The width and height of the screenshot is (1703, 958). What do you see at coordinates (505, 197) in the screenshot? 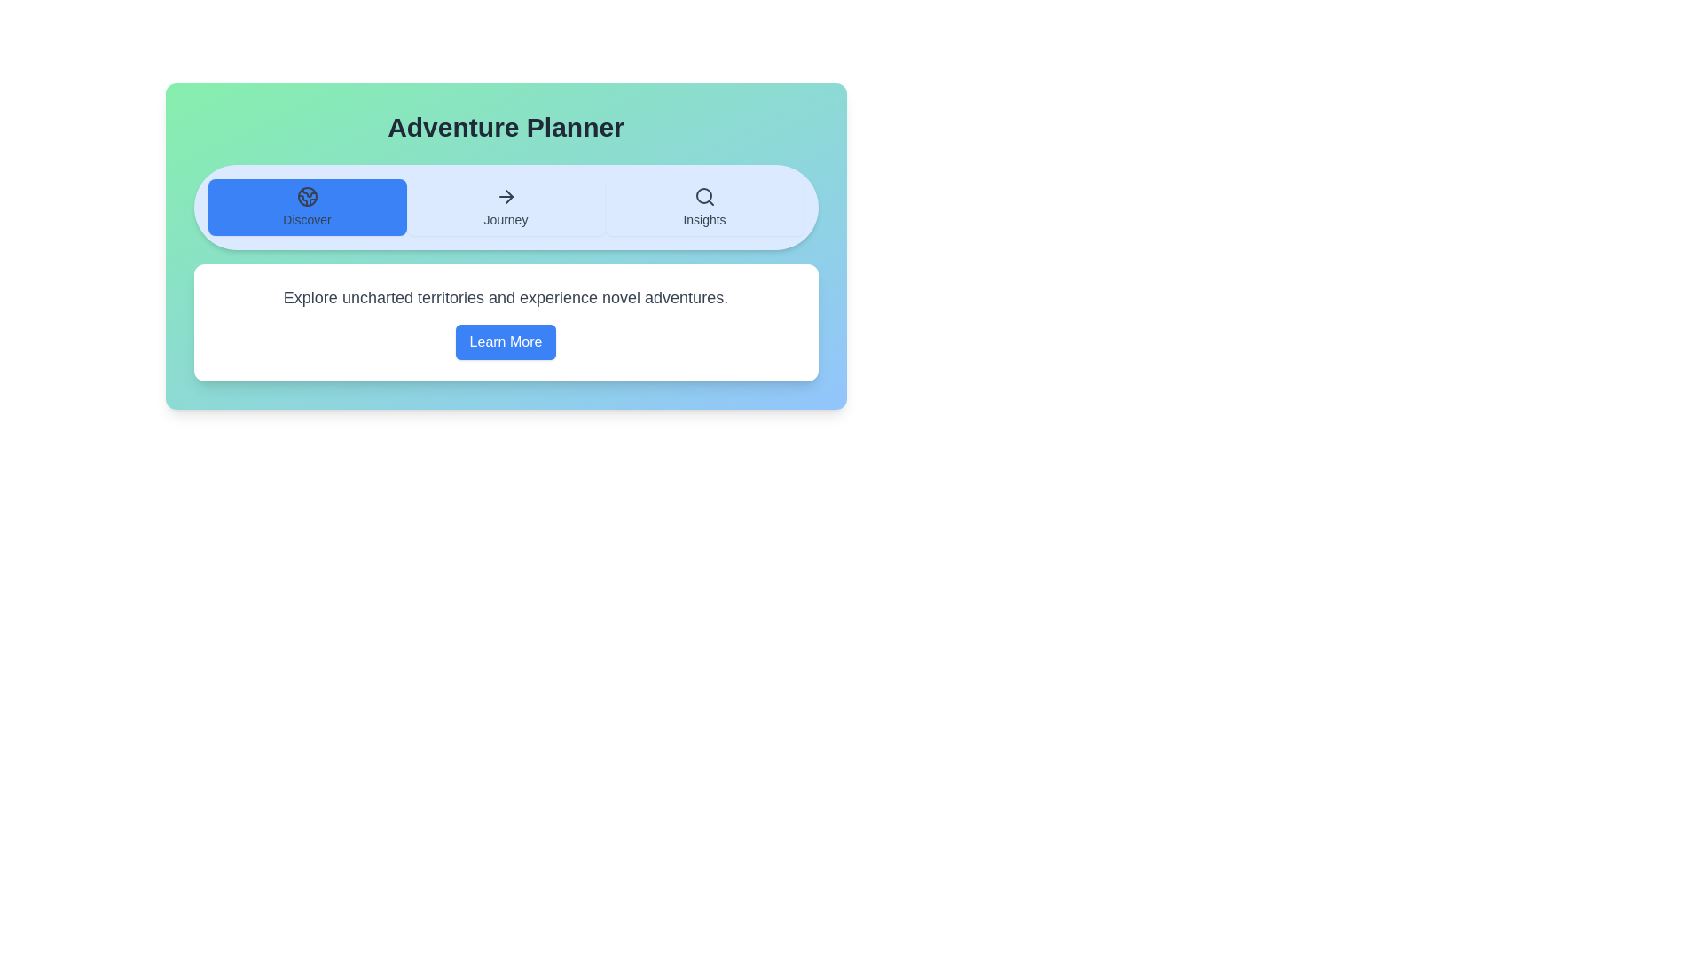
I see `the arrow icon representing forward movement in the 'Journey' tab of the navigation bar located below the 'Adventure Planner' title` at bounding box center [505, 197].